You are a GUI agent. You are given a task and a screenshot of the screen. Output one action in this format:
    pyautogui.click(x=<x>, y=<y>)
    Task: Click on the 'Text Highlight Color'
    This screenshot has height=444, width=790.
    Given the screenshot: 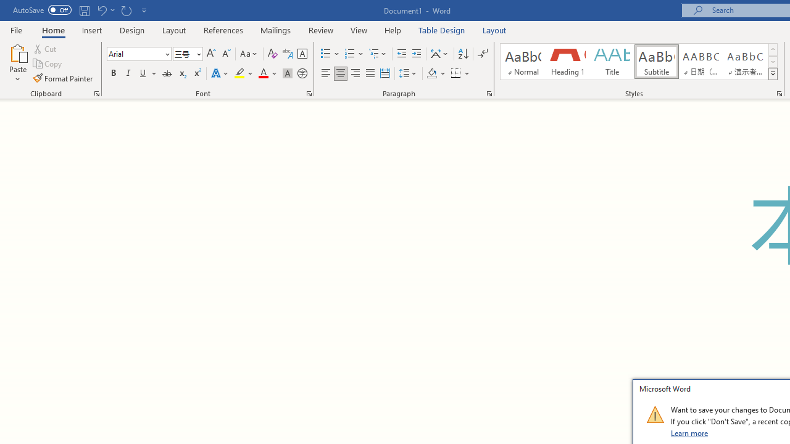 What is the action you would take?
    pyautogui.click(x=244, y=73)
    